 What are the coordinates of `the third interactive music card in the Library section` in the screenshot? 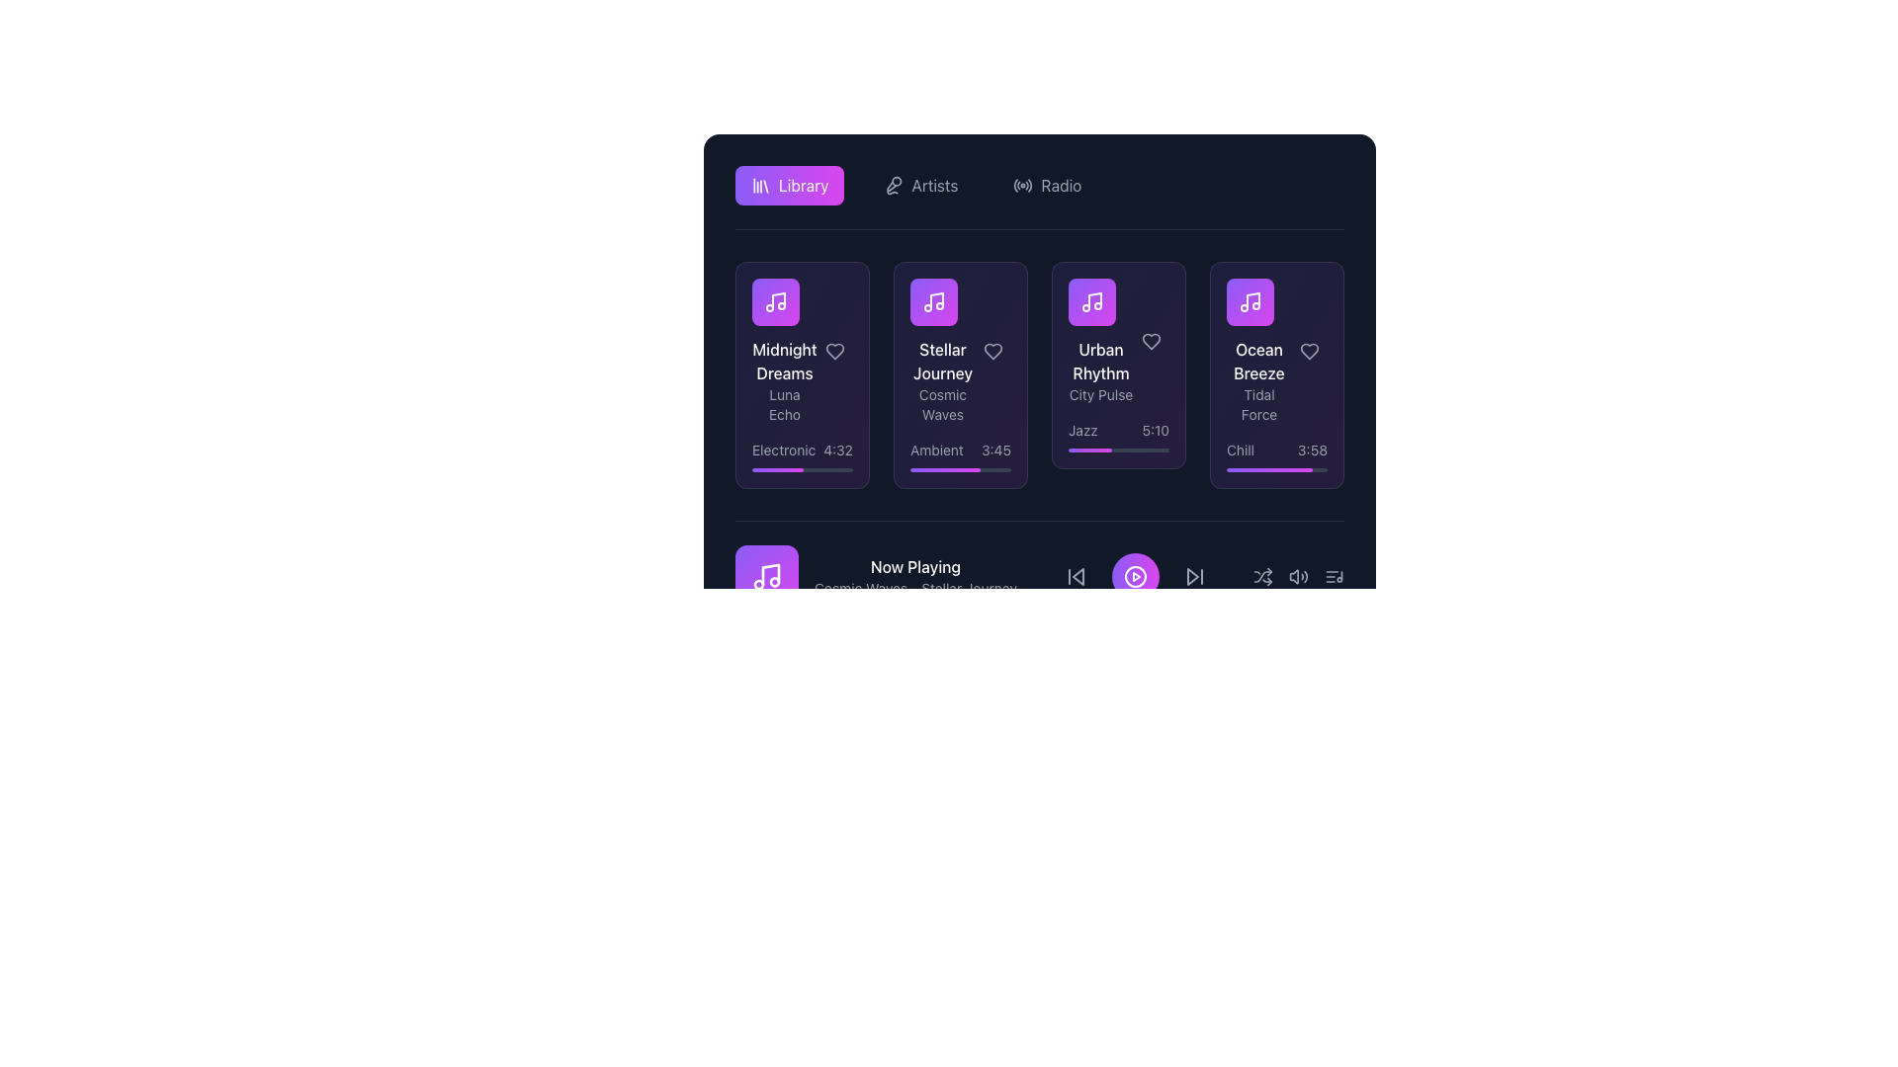 It's located at (1119, 375).